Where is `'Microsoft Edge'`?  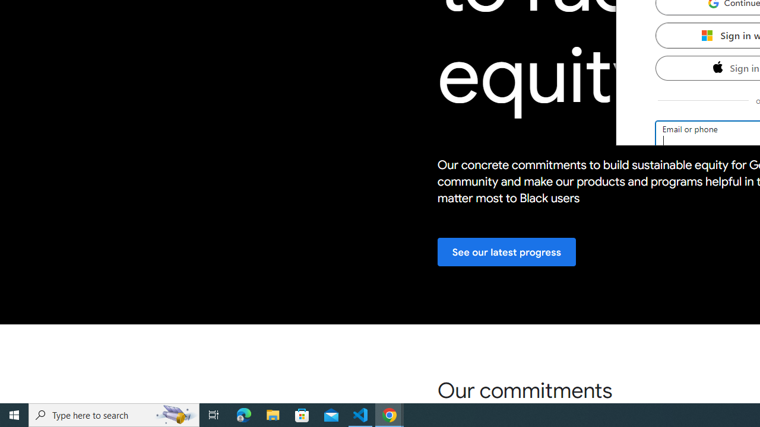 'Microsoft Edge' is located at coordinates (243, 414).